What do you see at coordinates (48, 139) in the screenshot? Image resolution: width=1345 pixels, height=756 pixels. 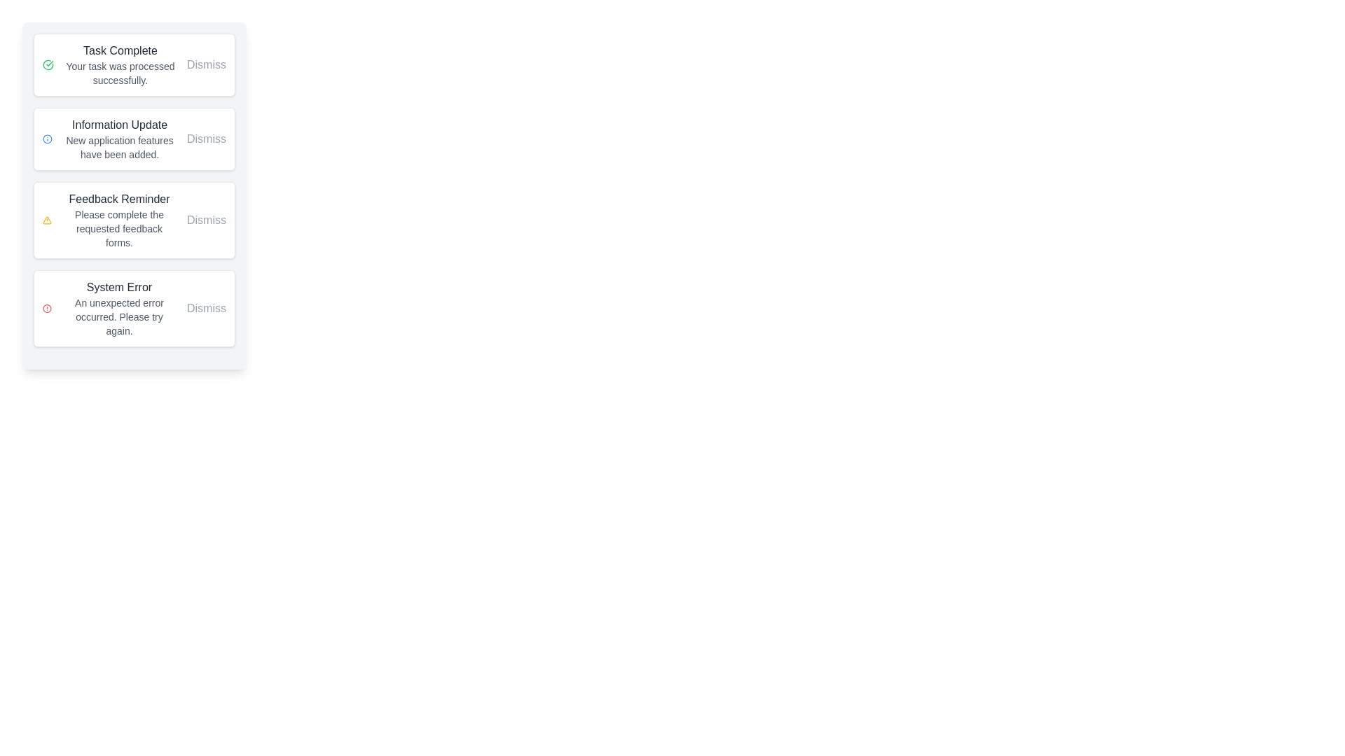 I see `the informational update icon located to the left of the 'Information Update' text in the notification list` at bounding box center [48, 139].